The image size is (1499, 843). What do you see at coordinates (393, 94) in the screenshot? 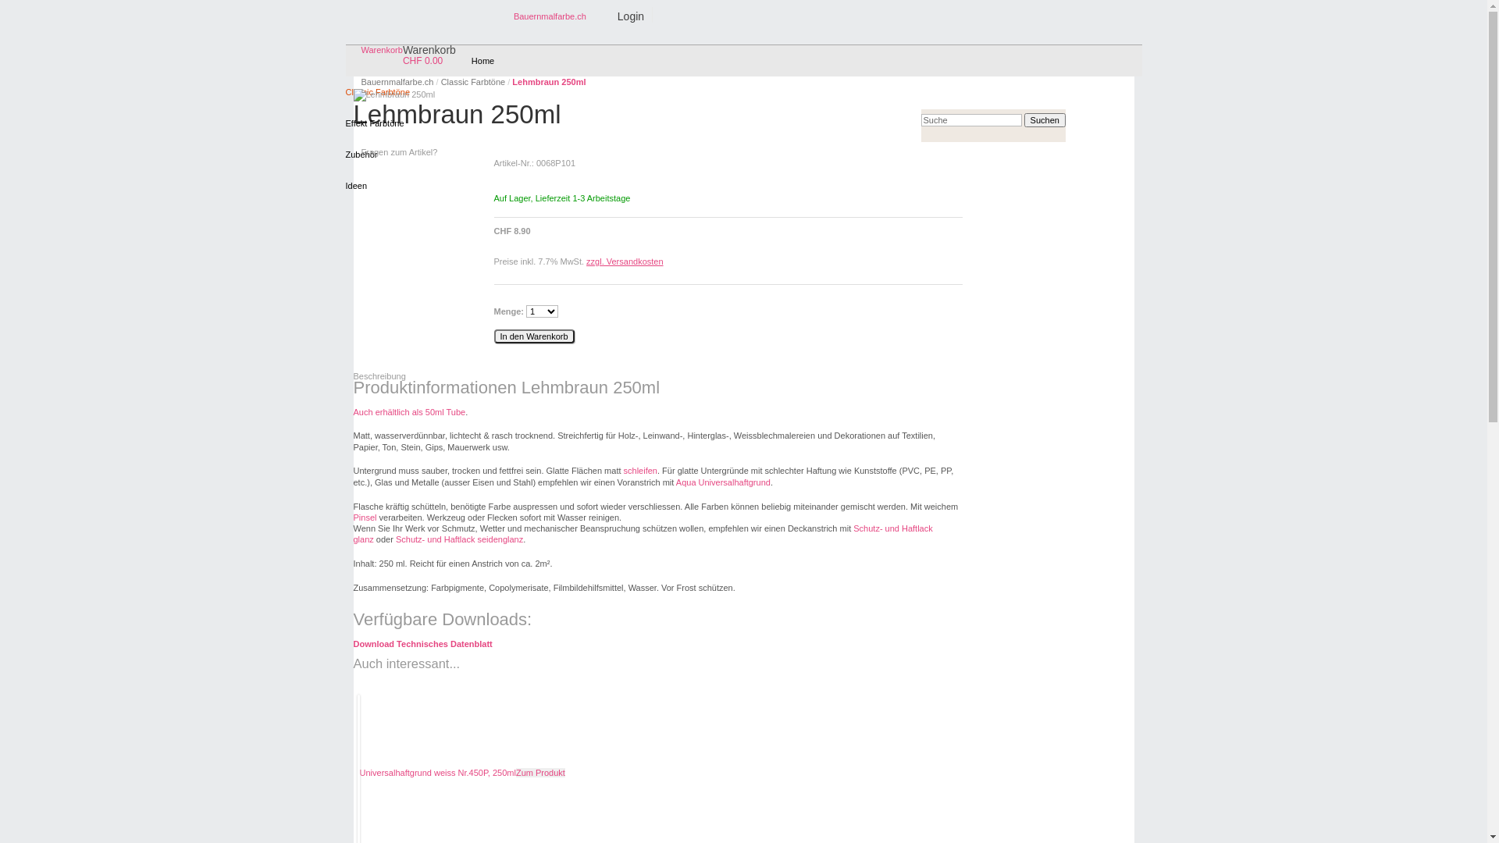
I see `'Lehmbraun 250ml'` at bounding box center [393, 94].